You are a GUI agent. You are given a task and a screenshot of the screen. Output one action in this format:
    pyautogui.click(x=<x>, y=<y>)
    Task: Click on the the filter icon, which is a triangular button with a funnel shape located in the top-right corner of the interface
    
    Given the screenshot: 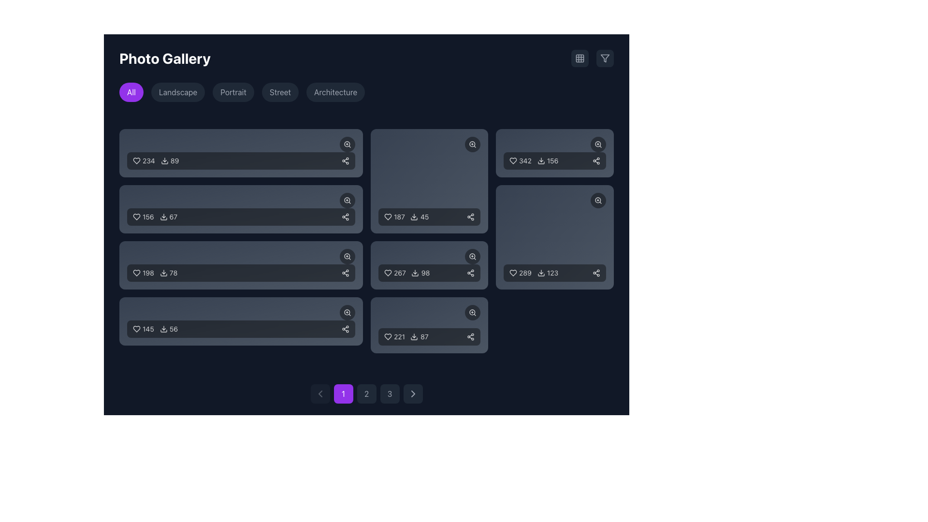 What is the action you would take?
    pyautogui.click(x=605, y=58)
    